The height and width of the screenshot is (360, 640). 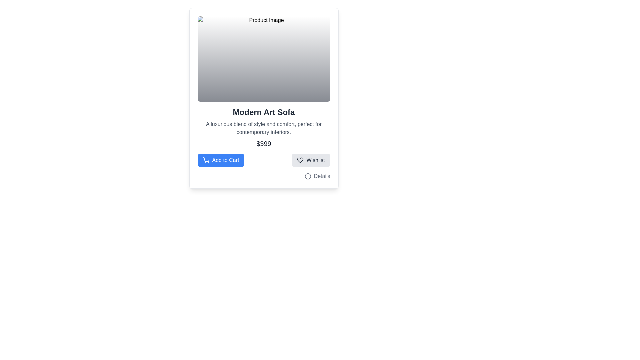 What do you see at coordinates (206, 160) in the screenshot?
I see `the shopping cart icon, which is styled with a line-drawing aesthetic and located to the left of the 'Add to Cart' text on a blue button` at bounding box center [206, 160].